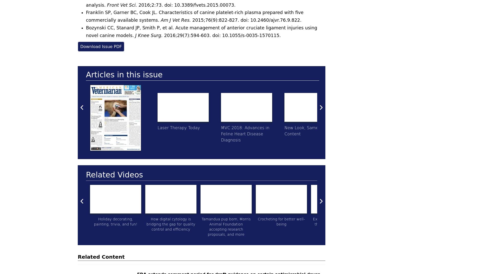  I want to click on 'Comparing extracorporeal shockwave therapy products', so click(392, 224).